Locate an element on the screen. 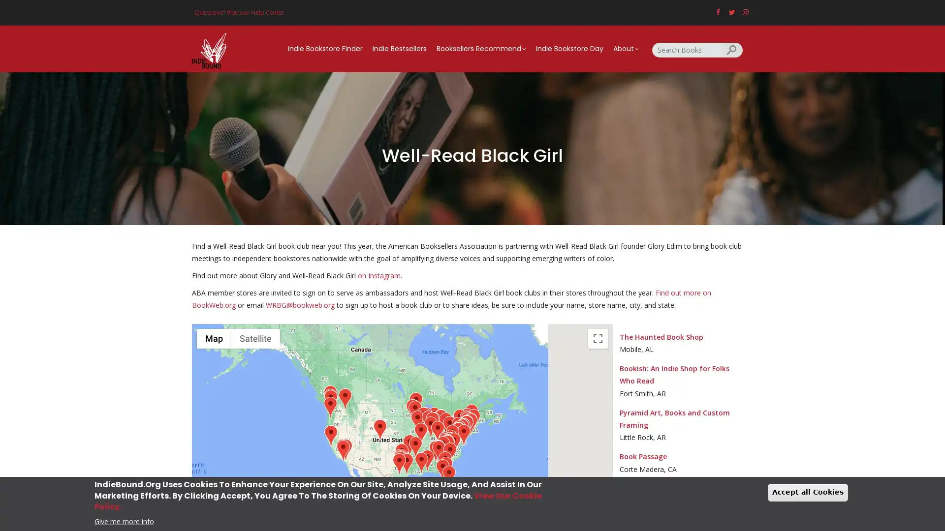  The Book Rack (WA) is located at coordinates (330, 395).